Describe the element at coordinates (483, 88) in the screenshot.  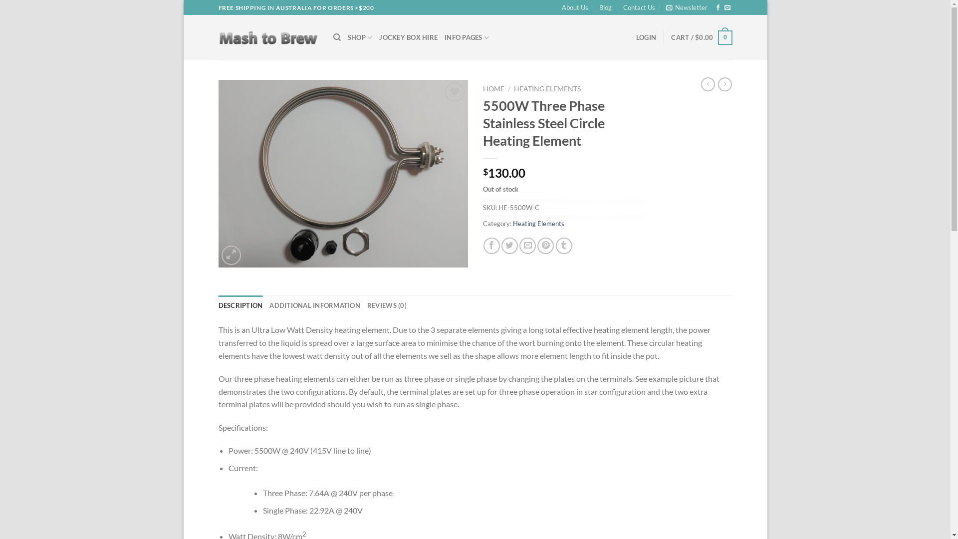
I see `'HOME'` at that location.